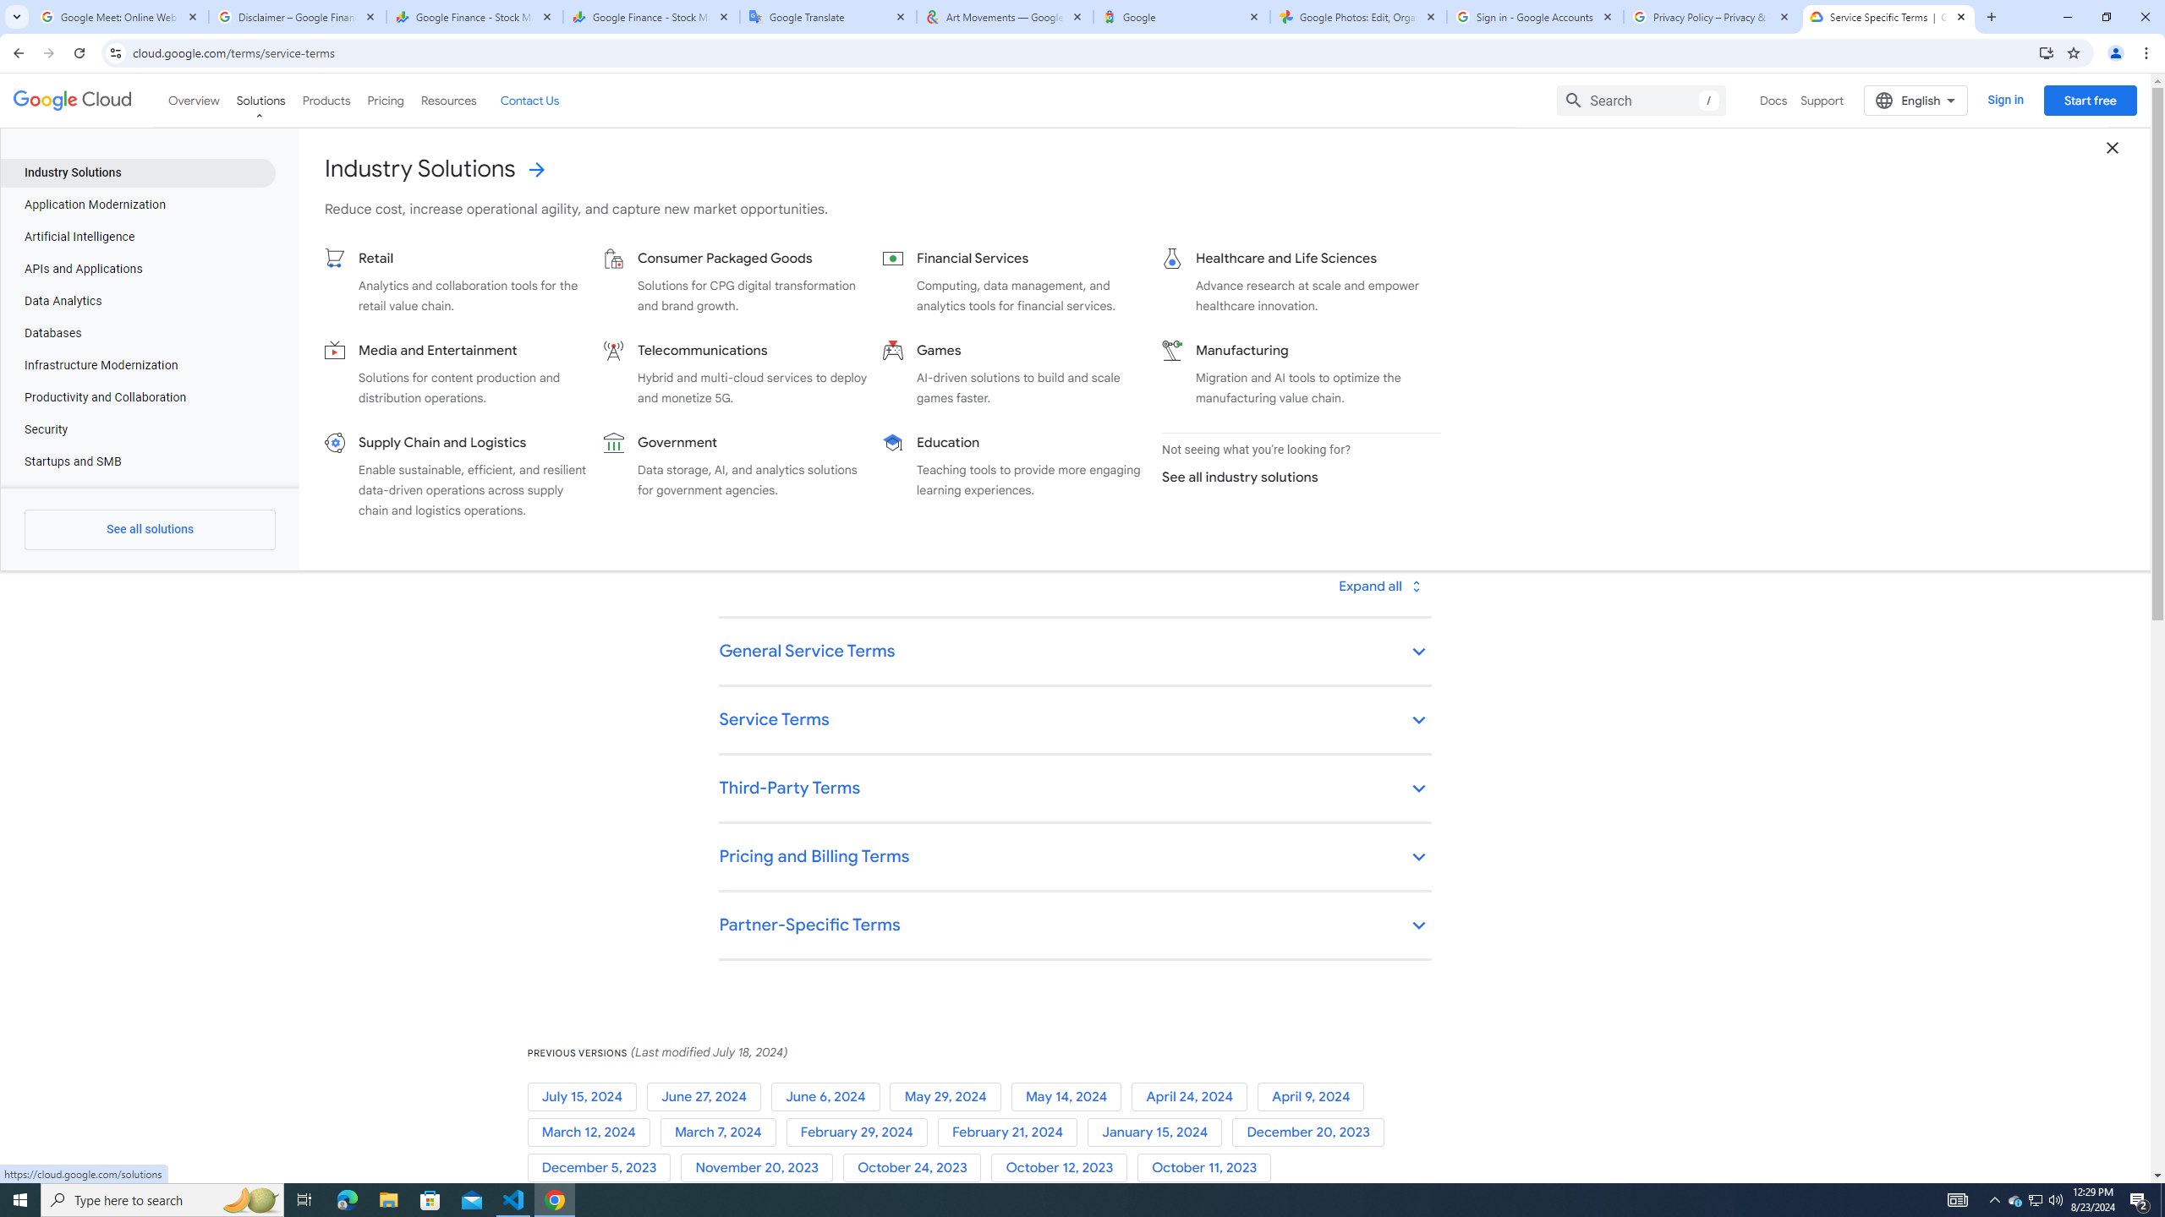  I want to click on 'November 20, 2023', so click(759, 1168).